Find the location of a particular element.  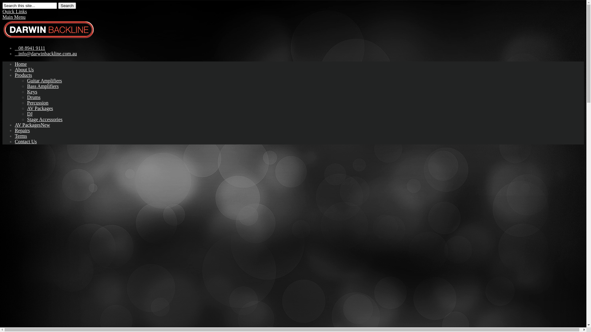

'AV PackagesNew' is located at coordinates (32, 124).